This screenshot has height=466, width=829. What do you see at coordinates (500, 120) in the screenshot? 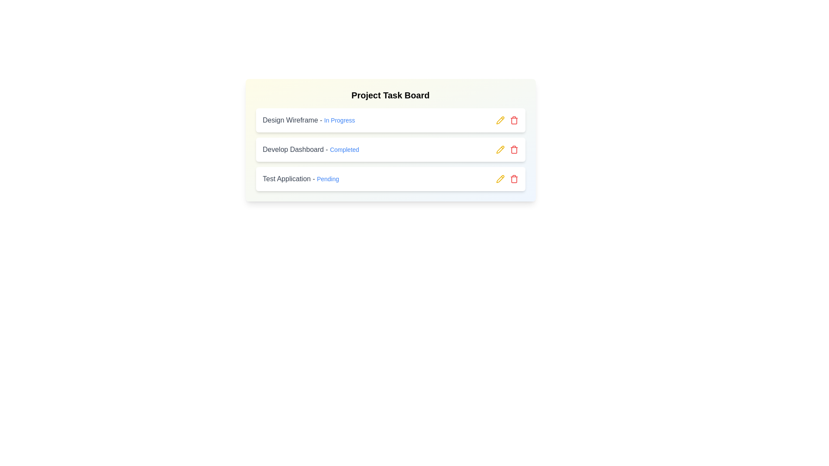
I see `the pencil icon next to the 'Design Wireframe' task to edit it` at bounding box center [500, 120].